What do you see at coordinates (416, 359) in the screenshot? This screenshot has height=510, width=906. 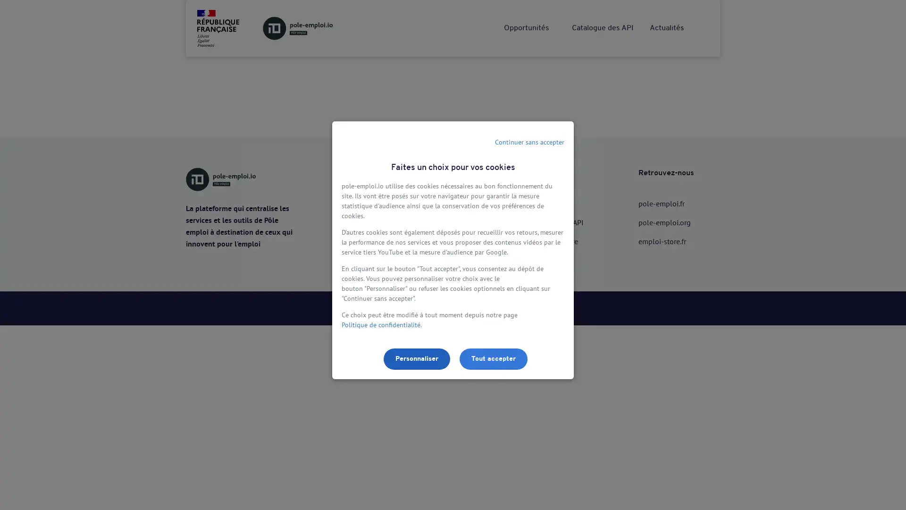 I see `Personnaliser les parametres de confidentialite` at bounding box center [416, 359].